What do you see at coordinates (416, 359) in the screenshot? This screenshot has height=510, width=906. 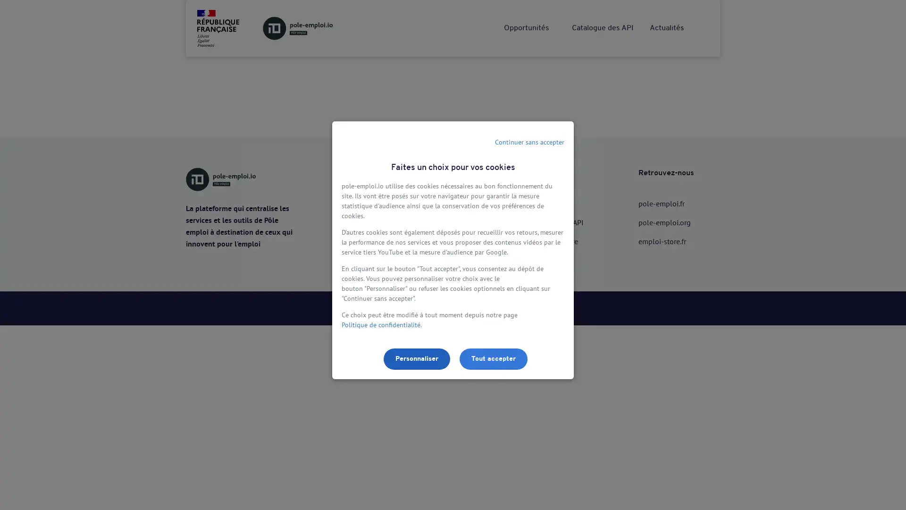 I see `Personnaliser les parametres de confidentialite` at bounding box center [416, 359].